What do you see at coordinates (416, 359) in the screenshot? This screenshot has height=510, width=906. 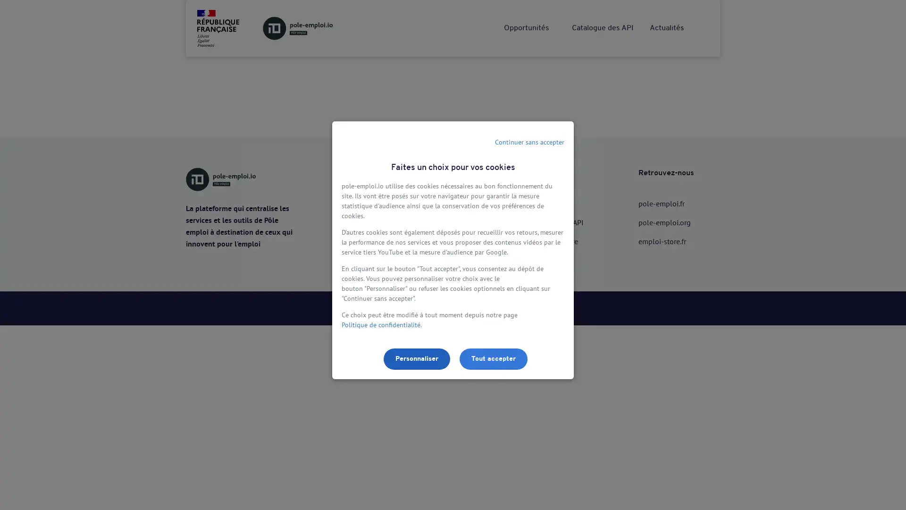 I see `Personnaliser les parametres de confidentialite` at bounding box center [416, 359].